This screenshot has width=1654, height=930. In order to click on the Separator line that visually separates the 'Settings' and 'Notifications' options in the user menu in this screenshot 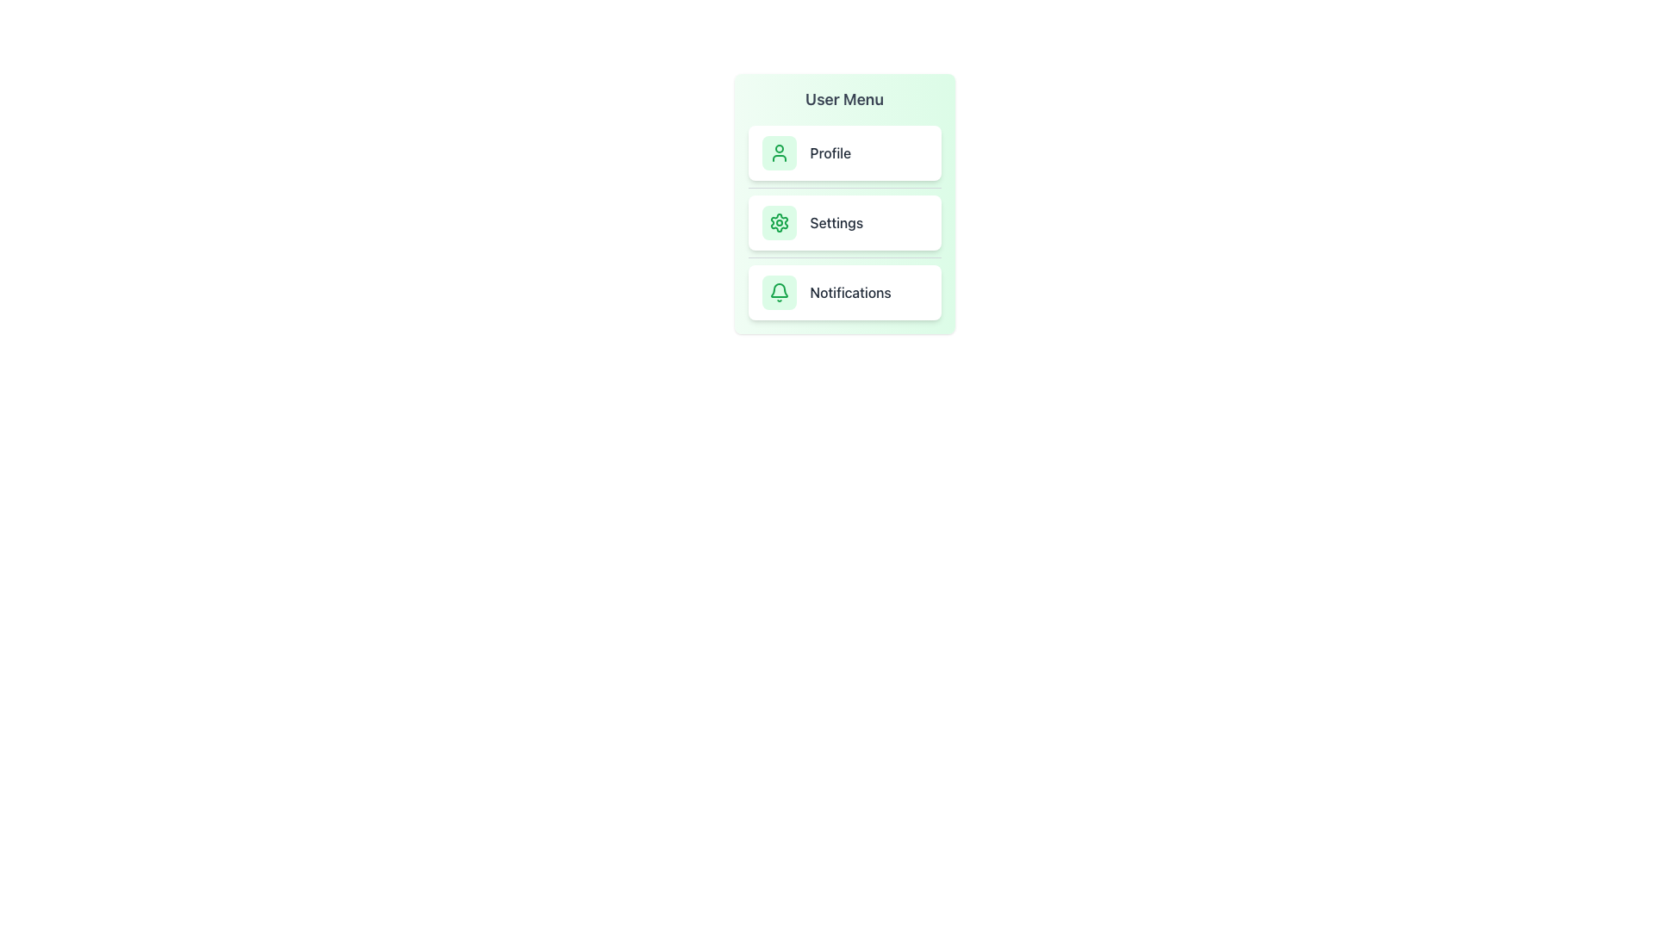, I will do `click(844, 257)`.